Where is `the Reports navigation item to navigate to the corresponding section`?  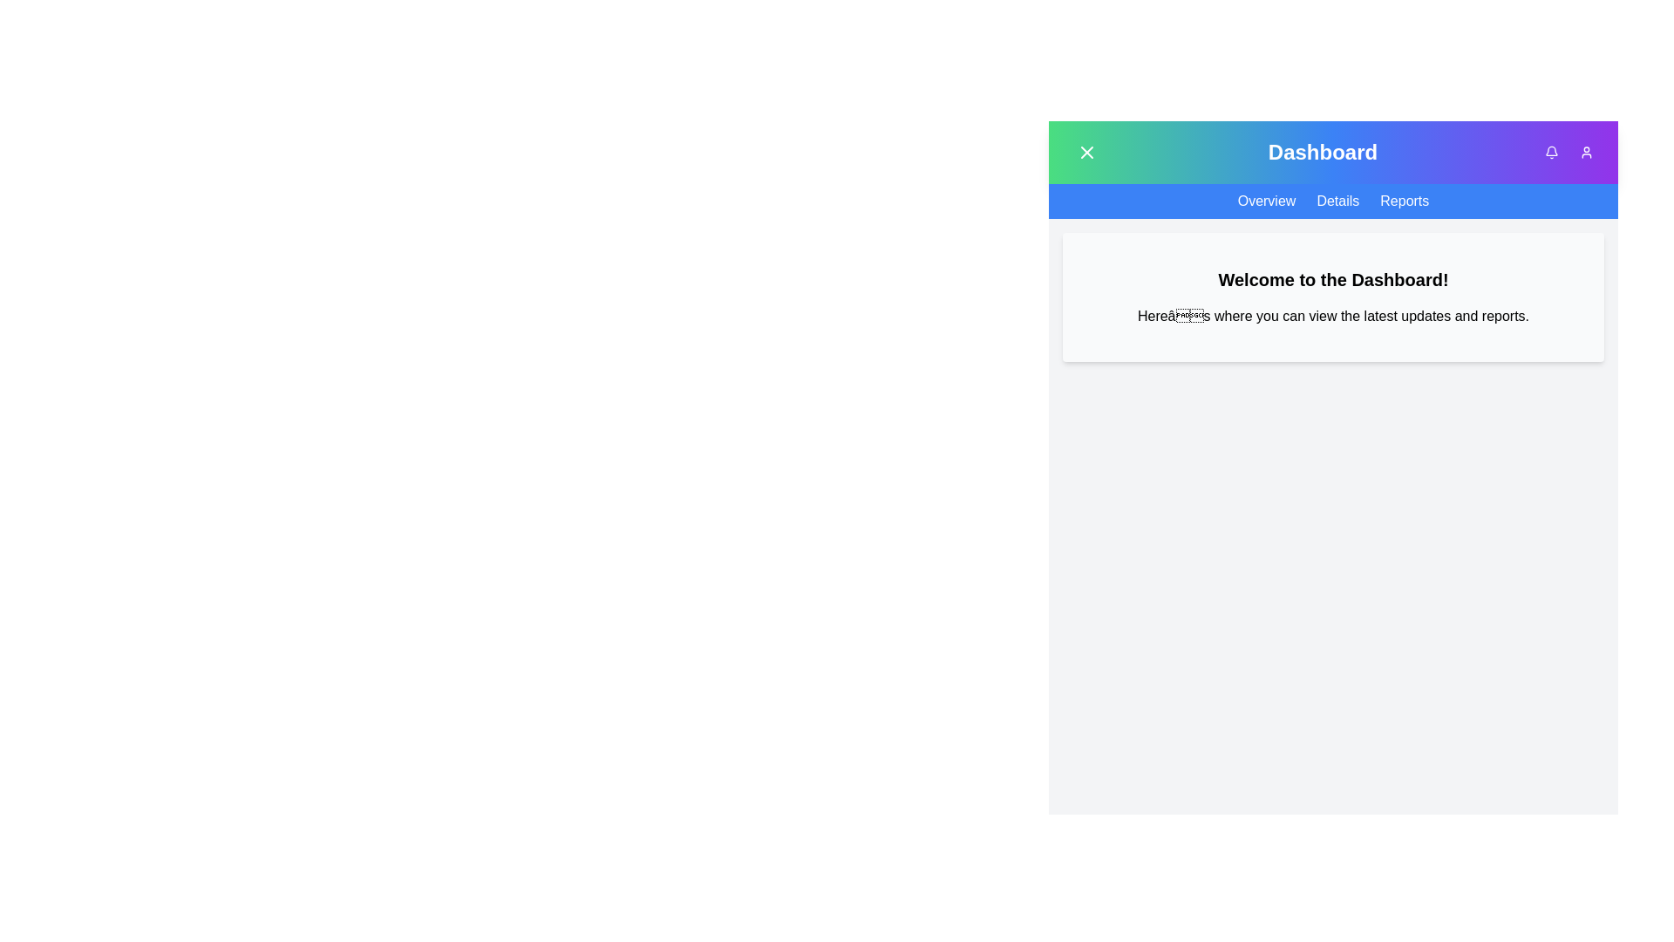
the Reports navigation item to navigate to the corresponding section is located at coordinates (1405, 201).